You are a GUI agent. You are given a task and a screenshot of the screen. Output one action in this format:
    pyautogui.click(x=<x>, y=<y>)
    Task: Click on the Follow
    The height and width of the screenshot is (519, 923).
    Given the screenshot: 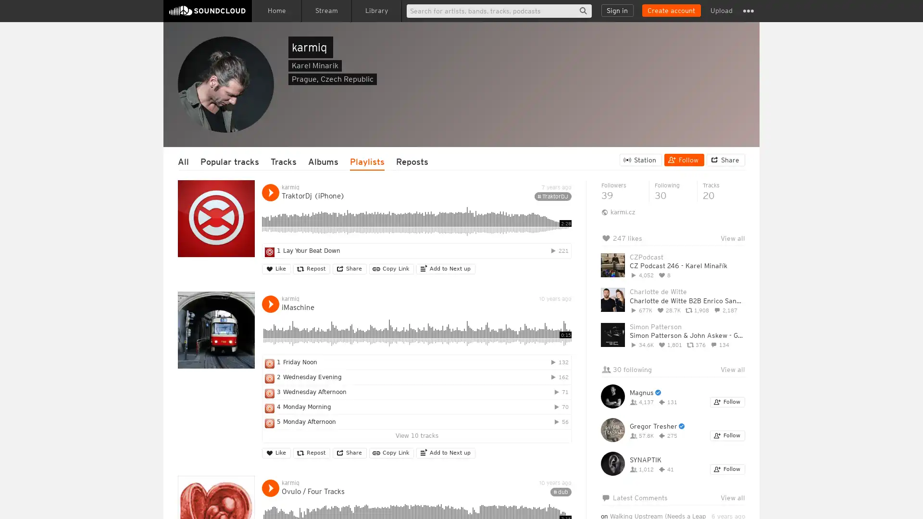 What is the action you would take?
    pyautogui.click(x=727, y=435)
    